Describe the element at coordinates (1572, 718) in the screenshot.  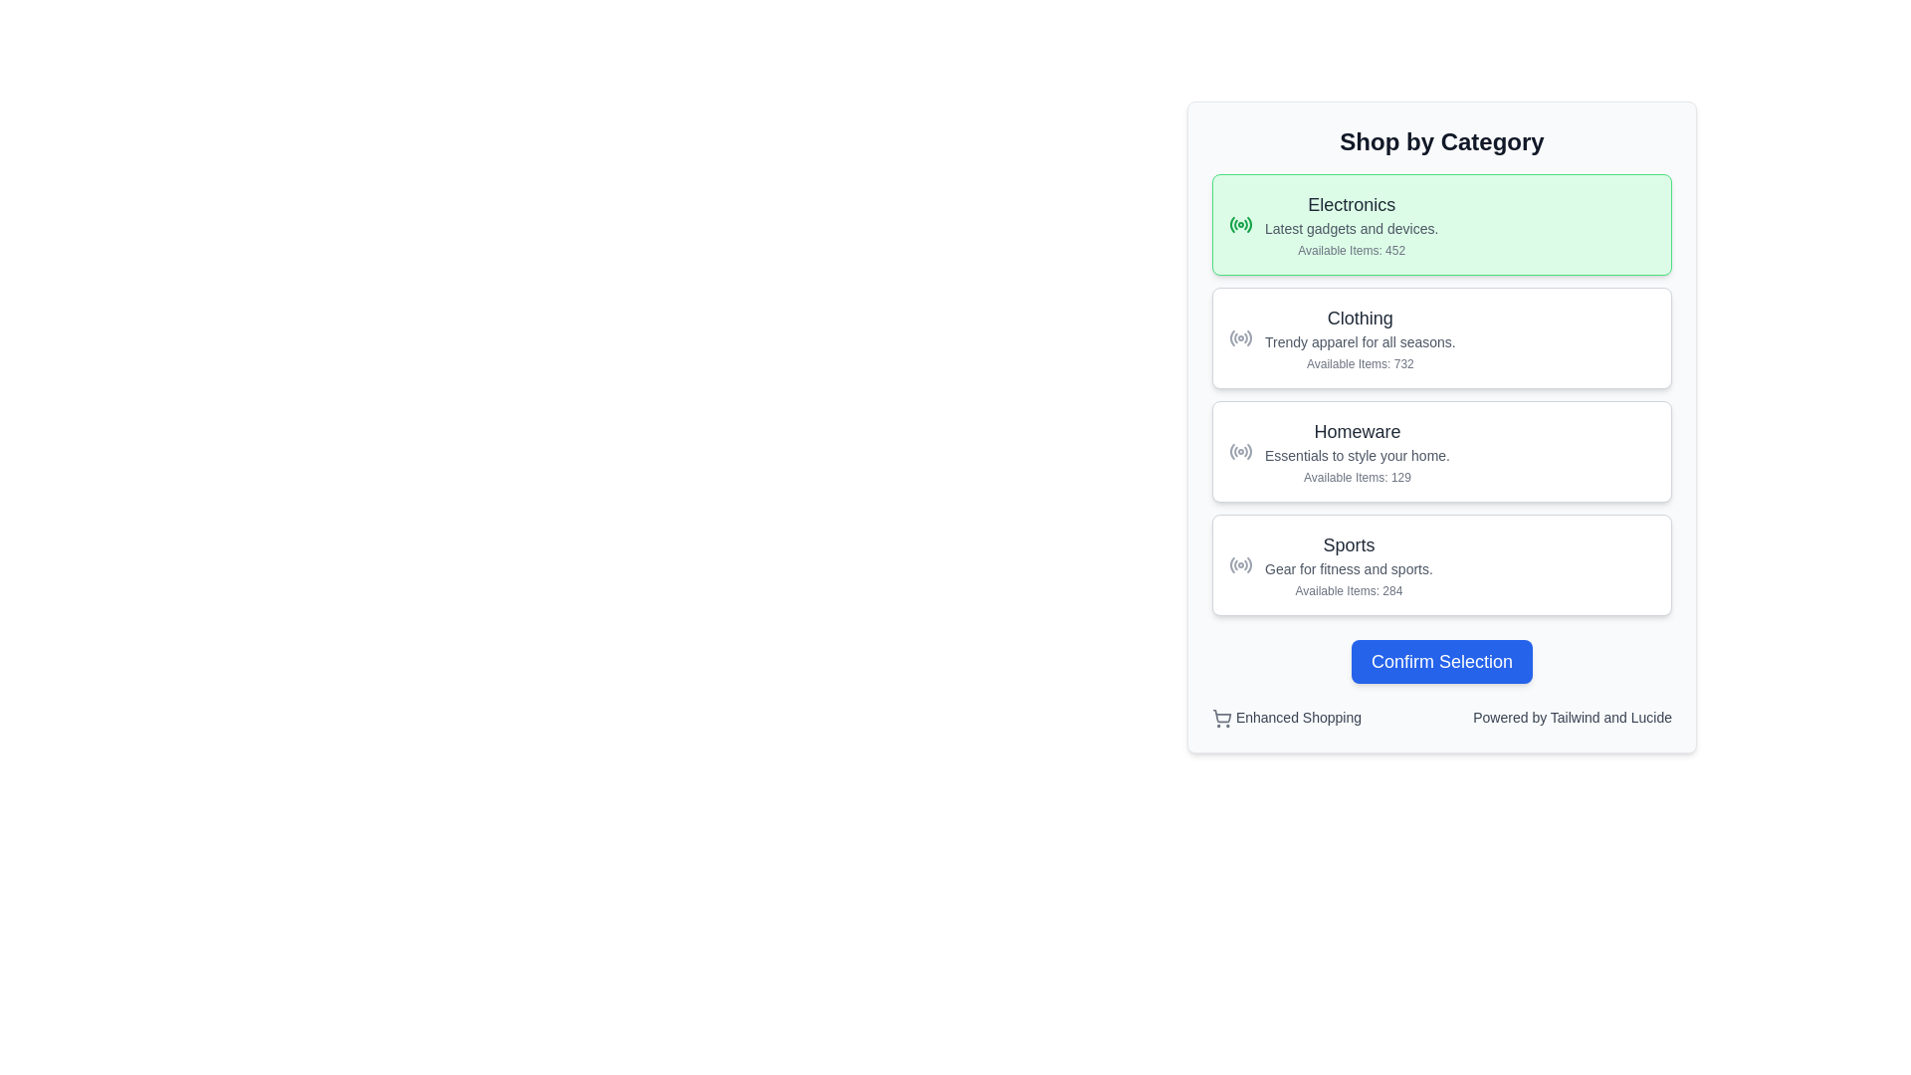
I see `the text label displaying 'Powered by Tailwind and Lucide', located at the bottom right corner of the interface` at that location.